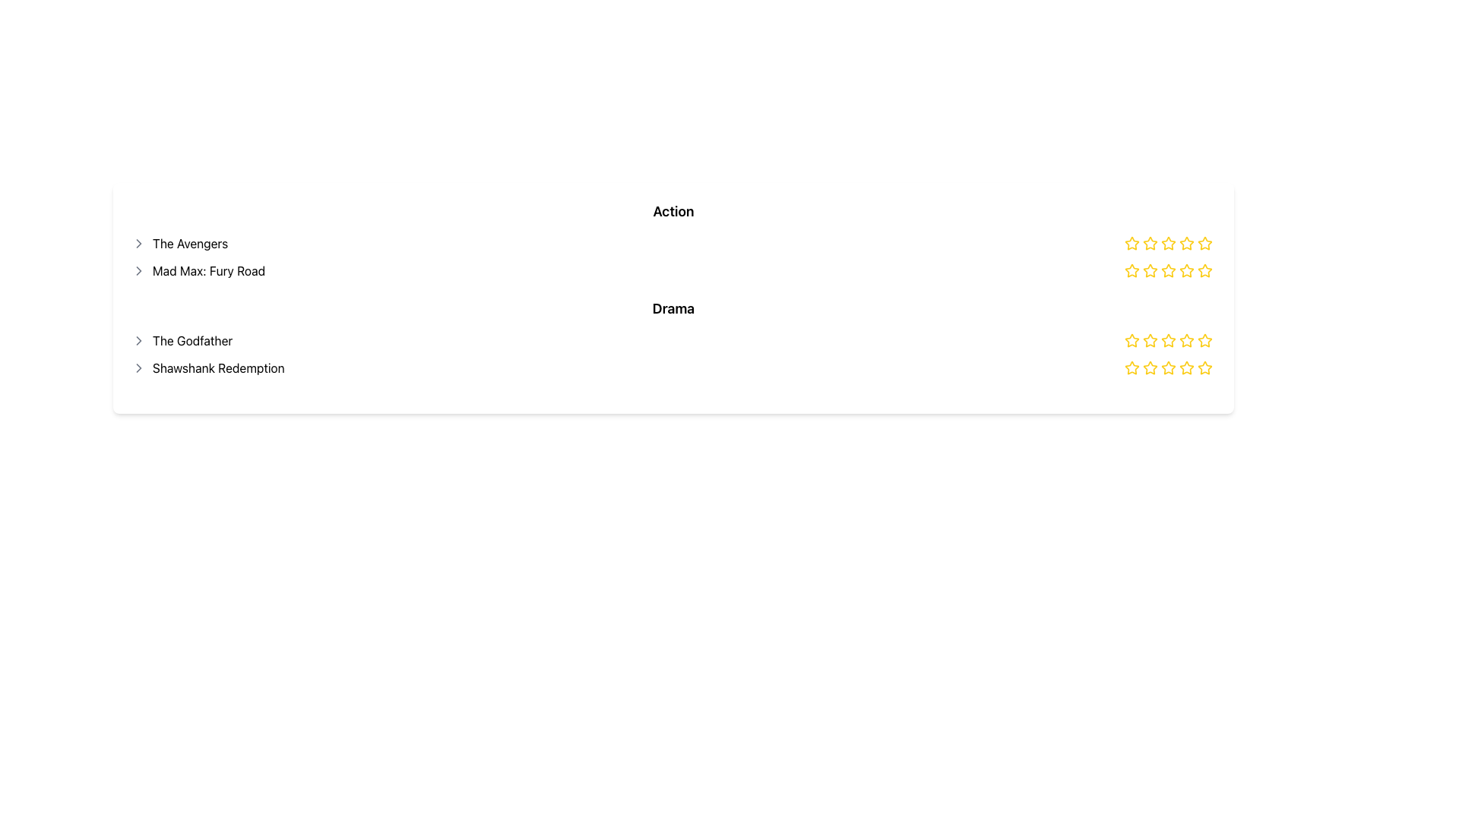 Image resolution: width=1459 pixels, height=820 pixels. I want to click on the third star in the last row of the star rating interface, so click(1204, 339).